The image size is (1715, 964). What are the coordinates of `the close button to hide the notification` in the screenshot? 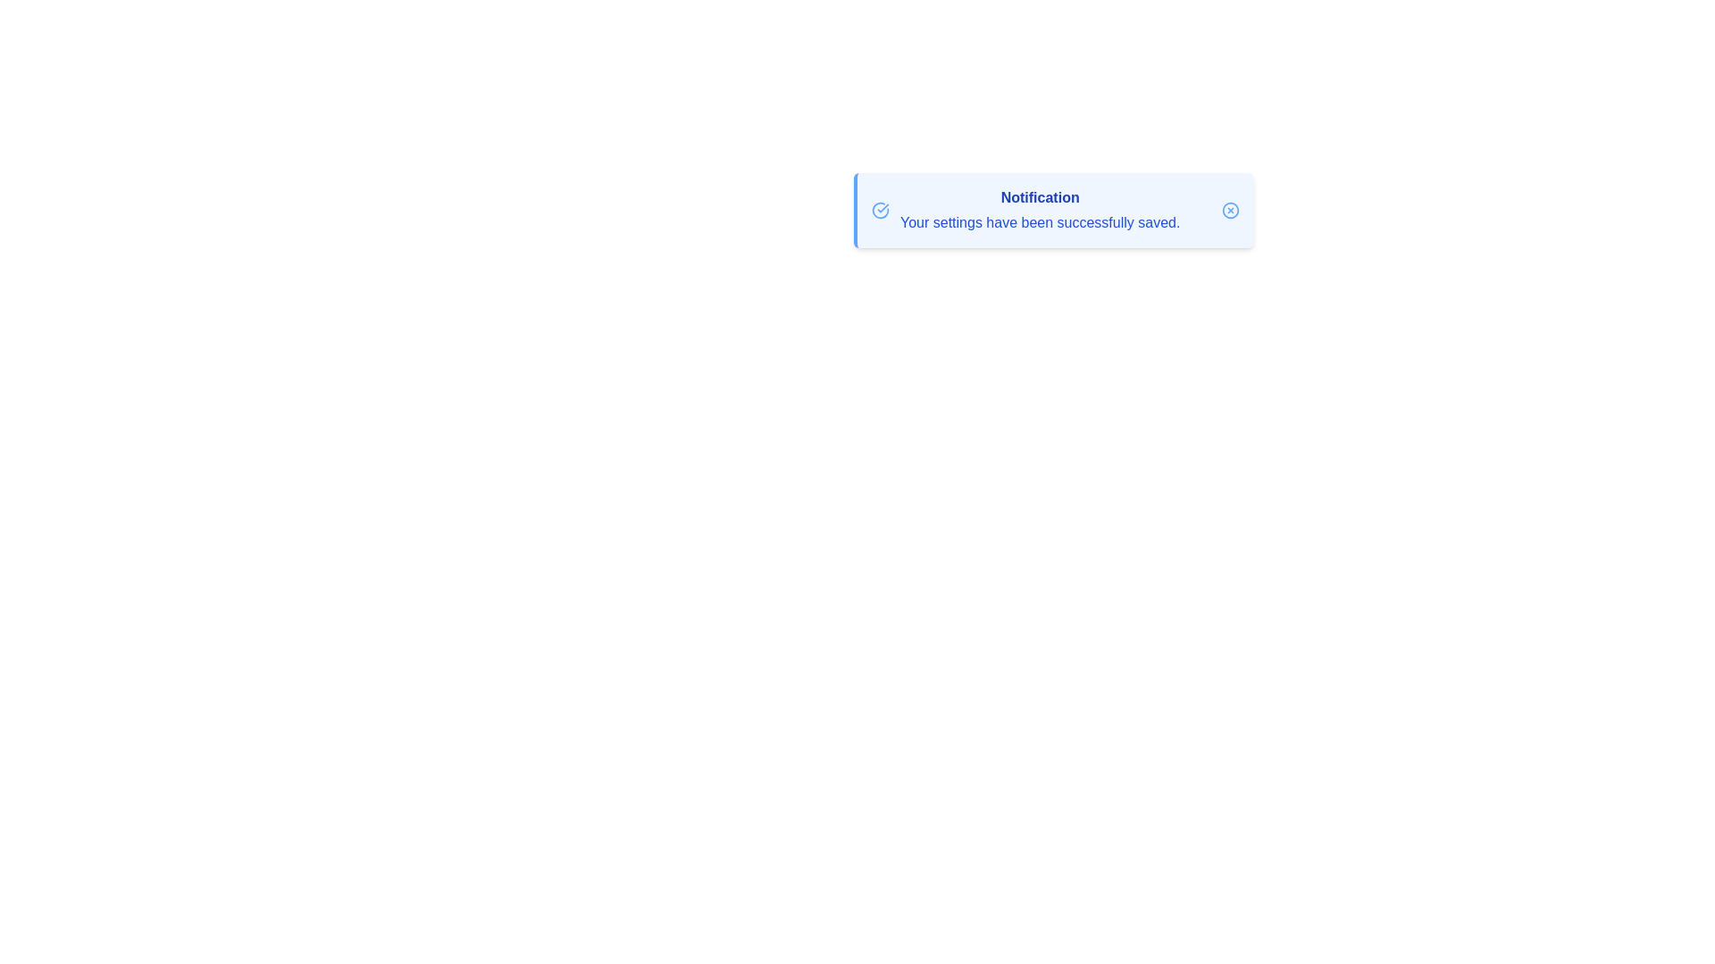 It's located at (1229, 209).